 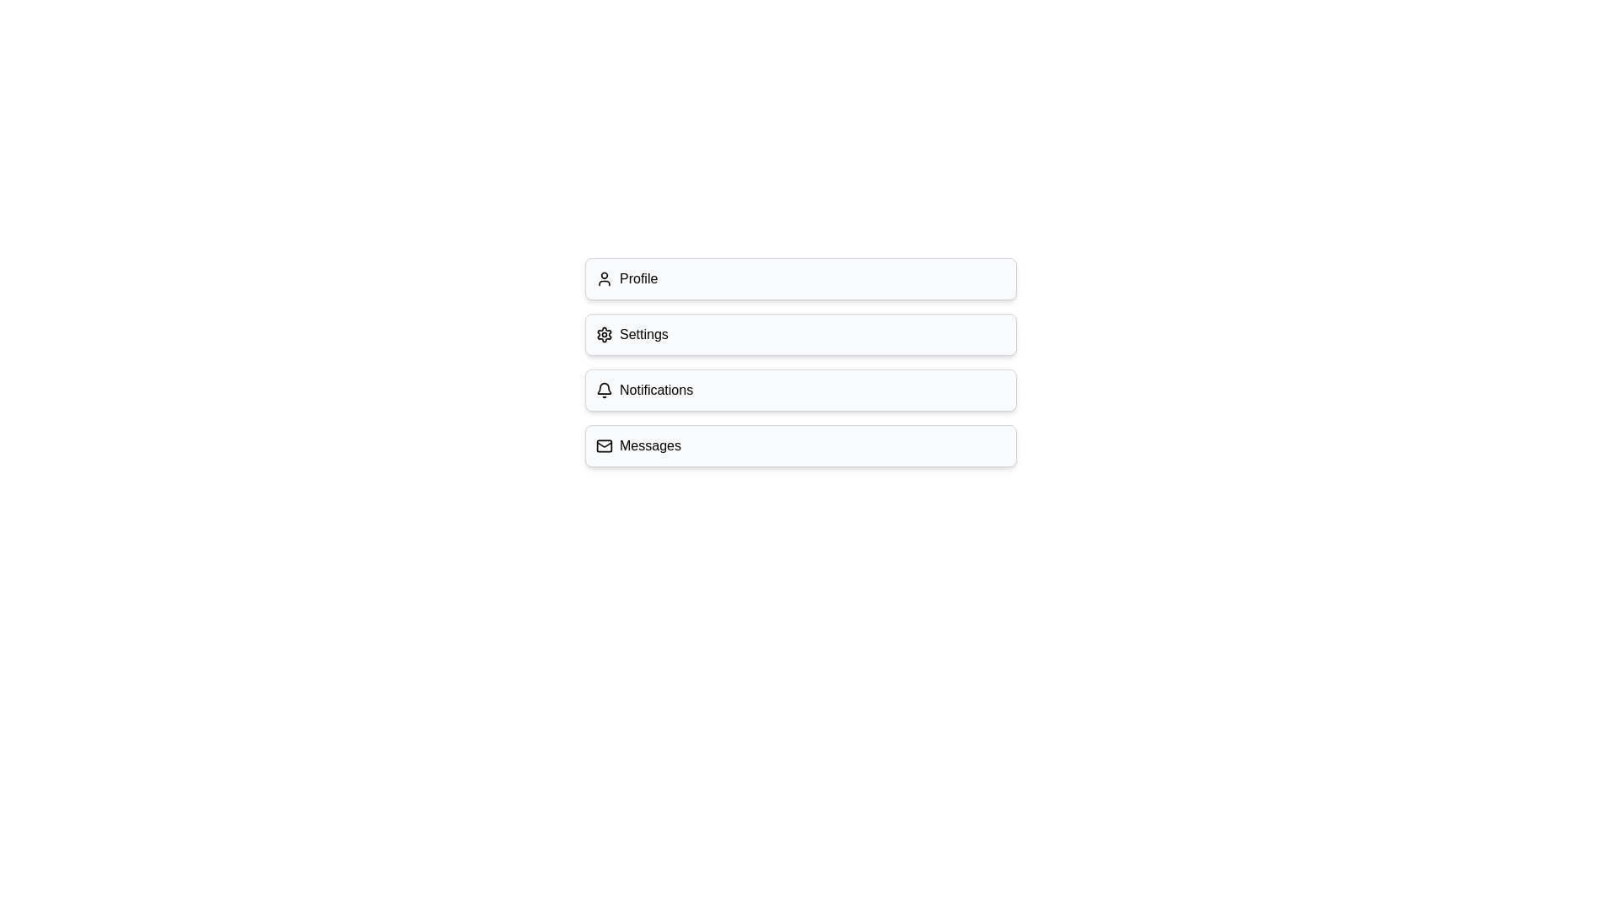 What do you see at coordinates (800, 335) in the screenshot?
I see `the Settings option to observe its visual feedback` at bounding box center [800, 335].